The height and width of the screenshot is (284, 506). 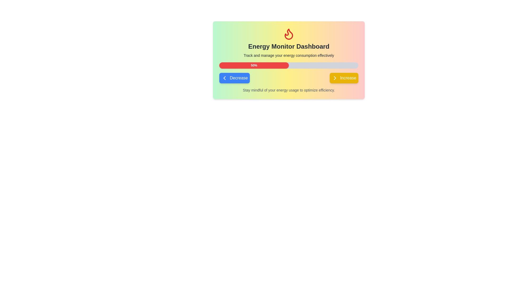 What do you see at coordinates (344, 78) in the screenshot?
I see `the increment button located to the right of the blue 'Decrease' button in the lower half of the dashboard to increase the value or progress` at bounding box center [344, 78].